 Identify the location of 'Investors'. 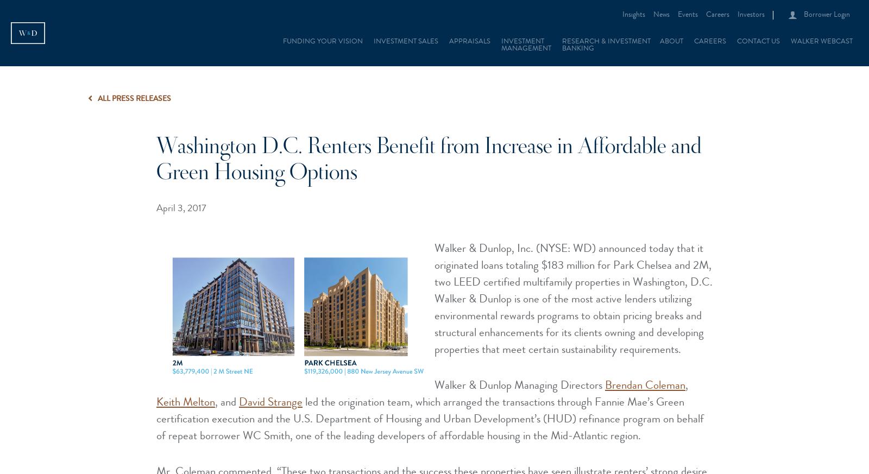
(751, 15).